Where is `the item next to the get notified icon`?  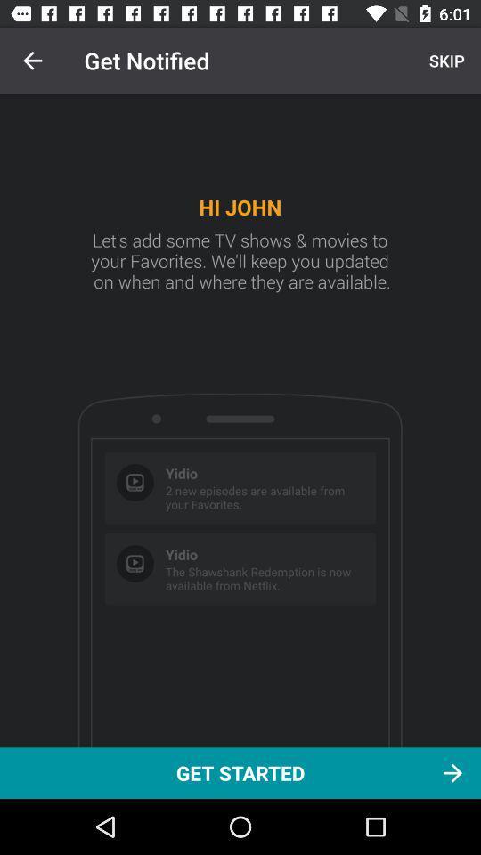 the item next to the get notified icon is located at coordinates (444, 61).